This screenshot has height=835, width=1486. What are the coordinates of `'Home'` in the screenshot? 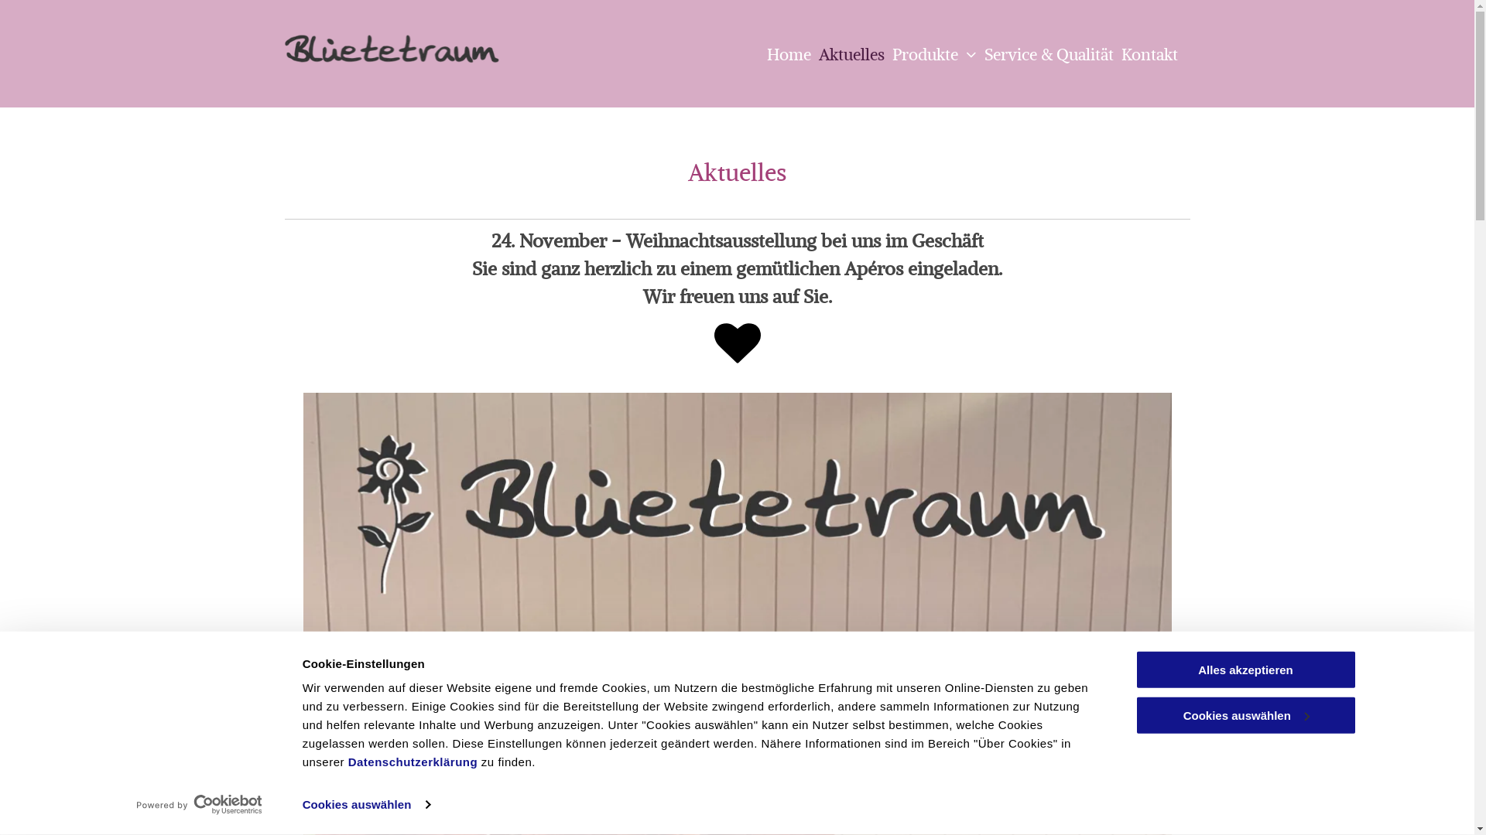 It's located at (785, 55).